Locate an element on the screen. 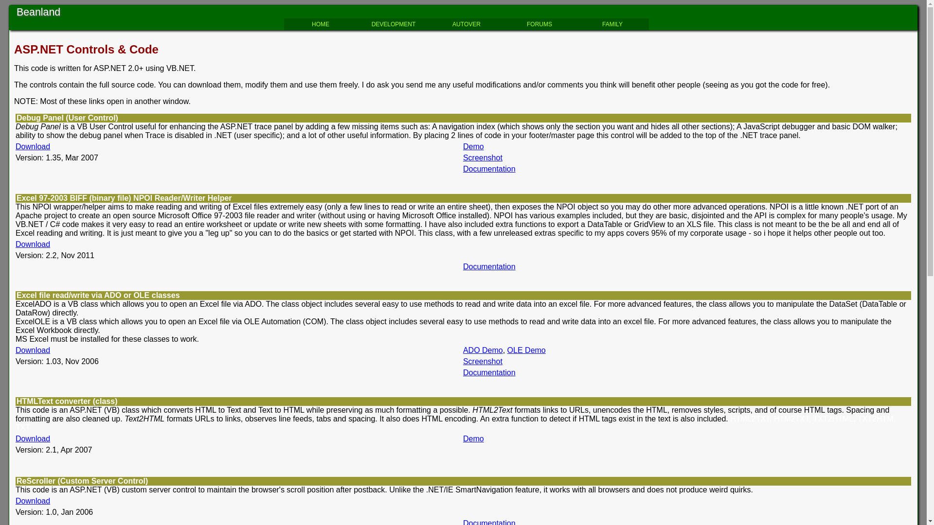 The width and height of the screenshot is (934, 525). 'Download' is located at coordinates (33, 438).